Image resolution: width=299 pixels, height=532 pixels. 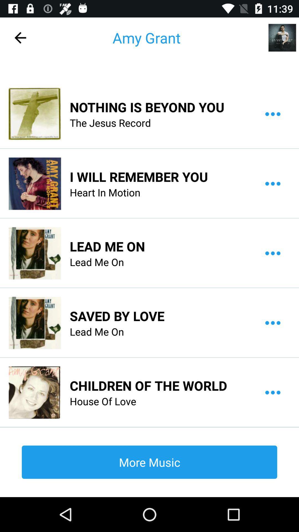 I want to click on more music icon, so click(x=149, y=462).